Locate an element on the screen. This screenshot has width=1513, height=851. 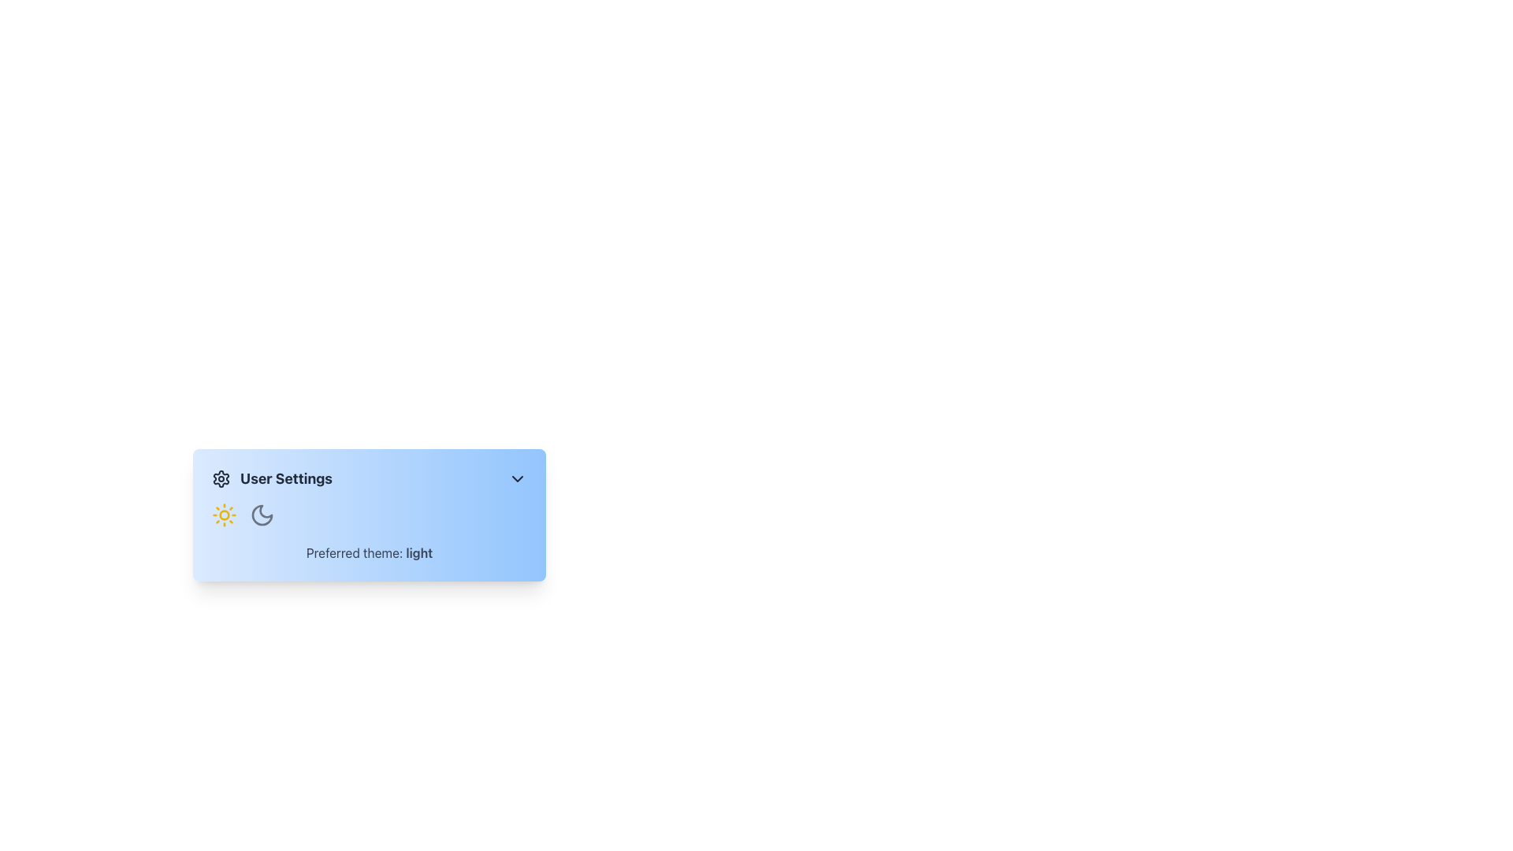
the theme toggle button, which is the second icon to the right of the sun icon in the User Settings section is located at coordinates (262, 515).